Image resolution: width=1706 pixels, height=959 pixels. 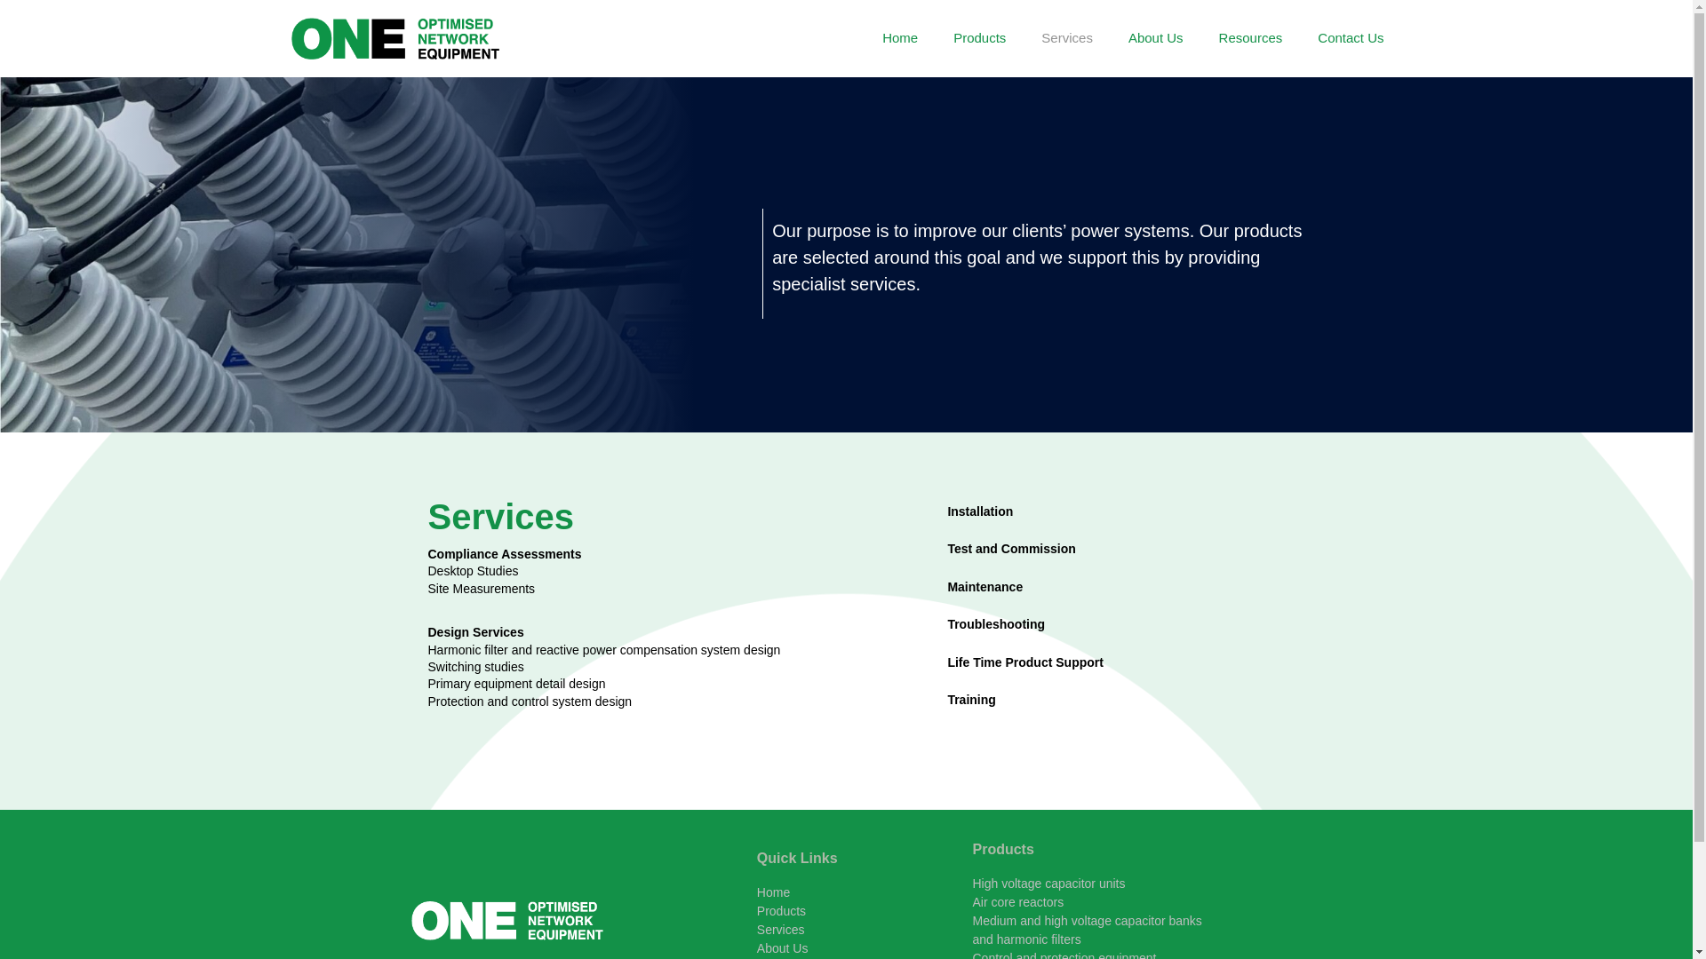 I want to click on 'Air core reactors', so click(x=1017, y=901).